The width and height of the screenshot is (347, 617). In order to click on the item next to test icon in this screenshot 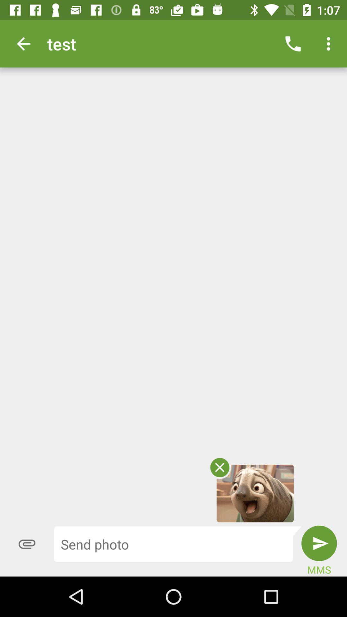, I will do `click(293, 43)`.